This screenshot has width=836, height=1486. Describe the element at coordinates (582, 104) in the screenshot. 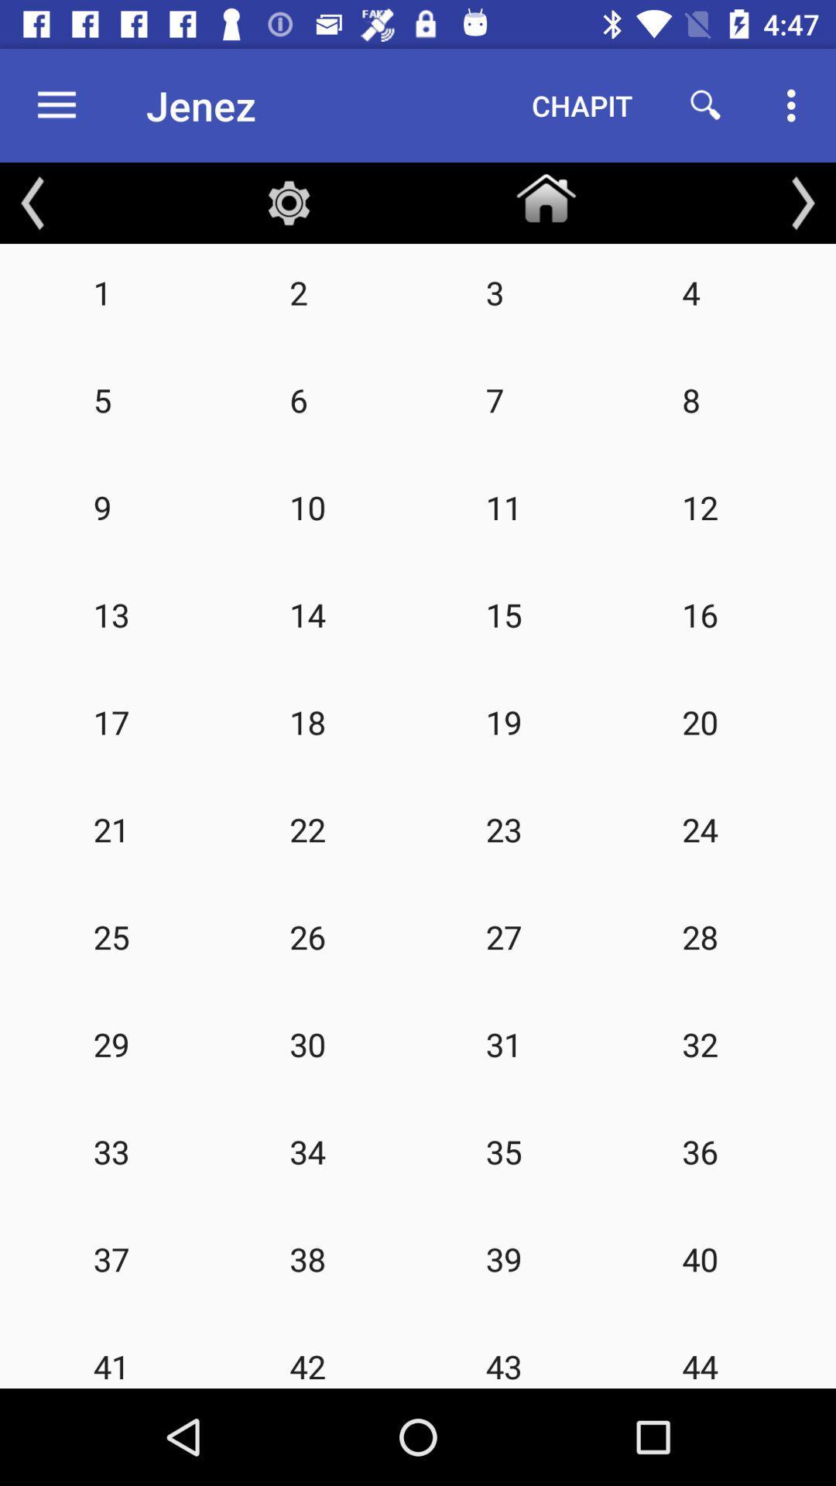

I see `the item next to jenez  icon` at that location.